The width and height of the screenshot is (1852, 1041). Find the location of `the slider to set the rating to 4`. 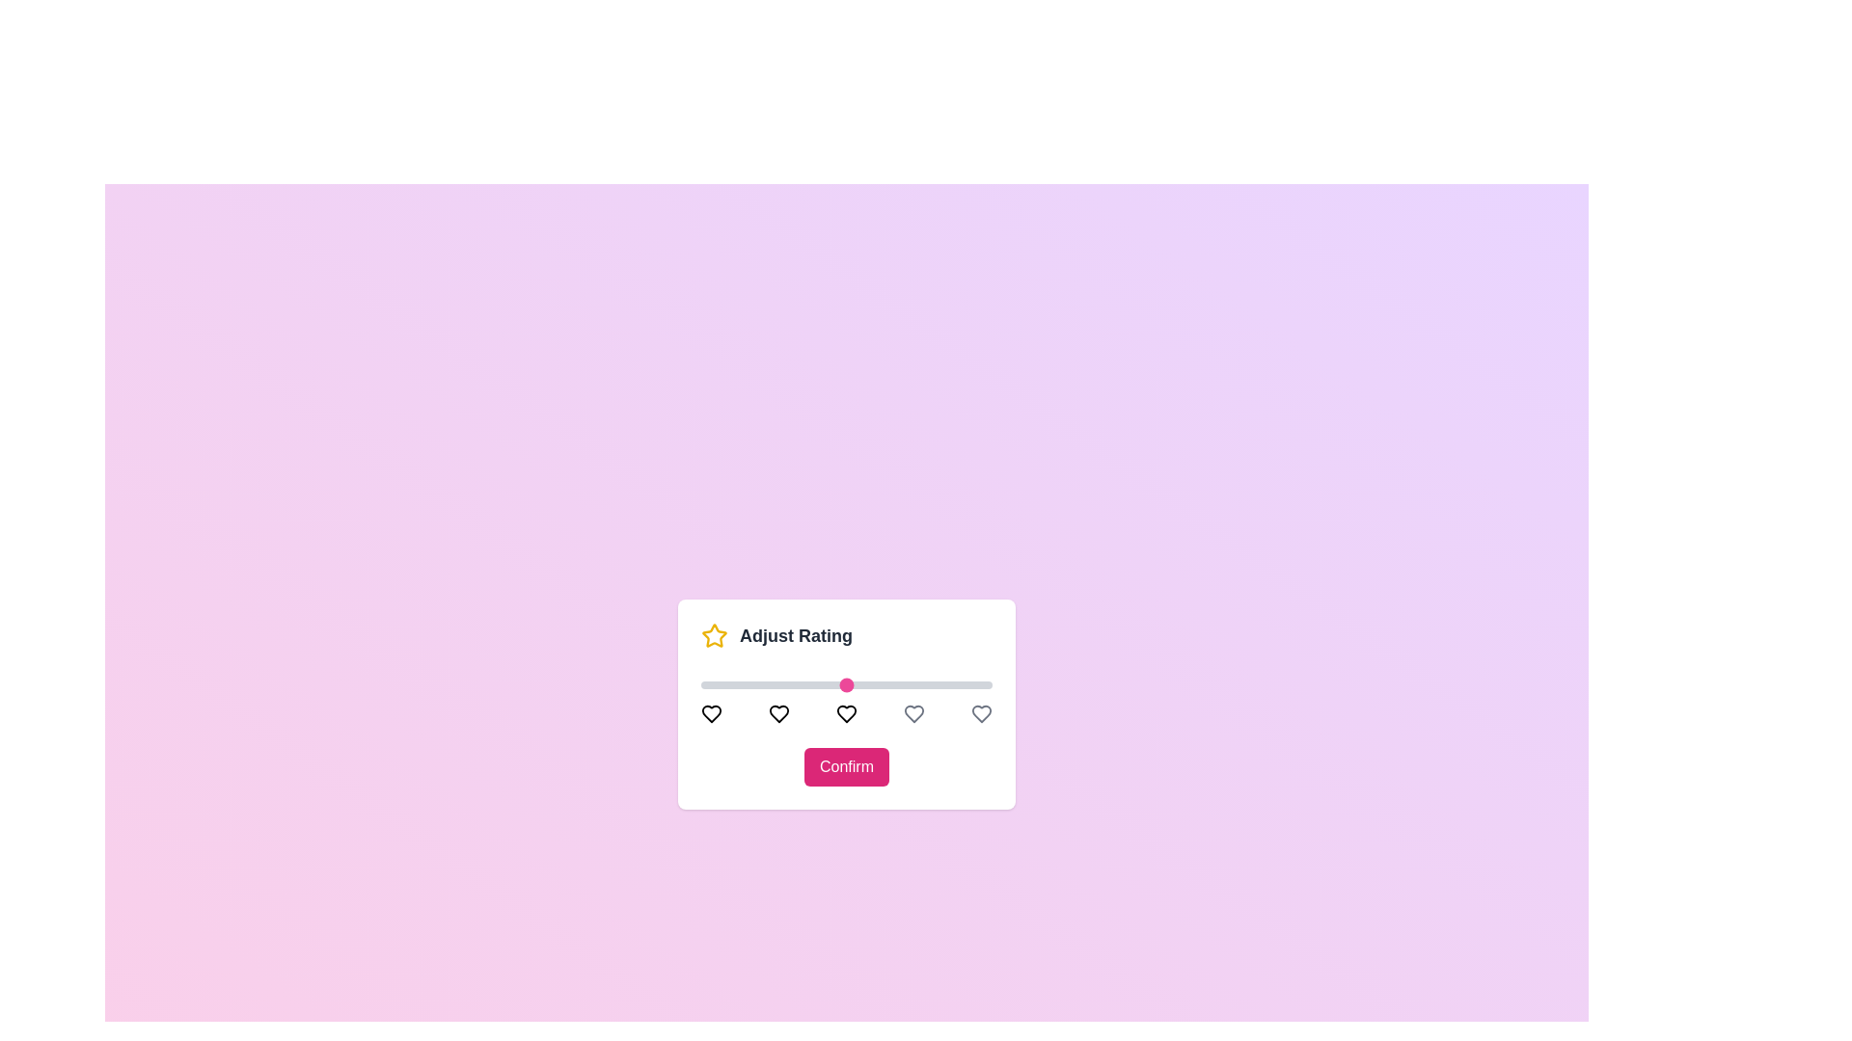

the slider to set the rating to 4 is located at coordinates (918, 683).